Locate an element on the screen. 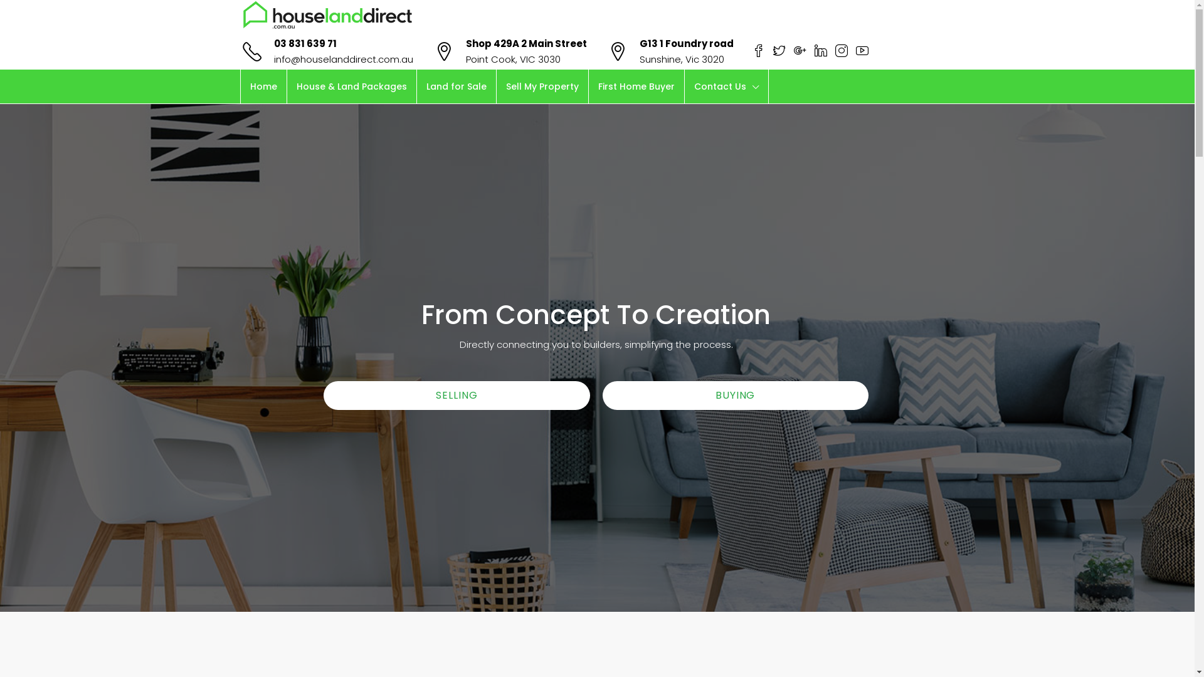 Image resolution: width=1204 pixels, height=677 pixels. 'Home' is located at coordinates (263, 86).